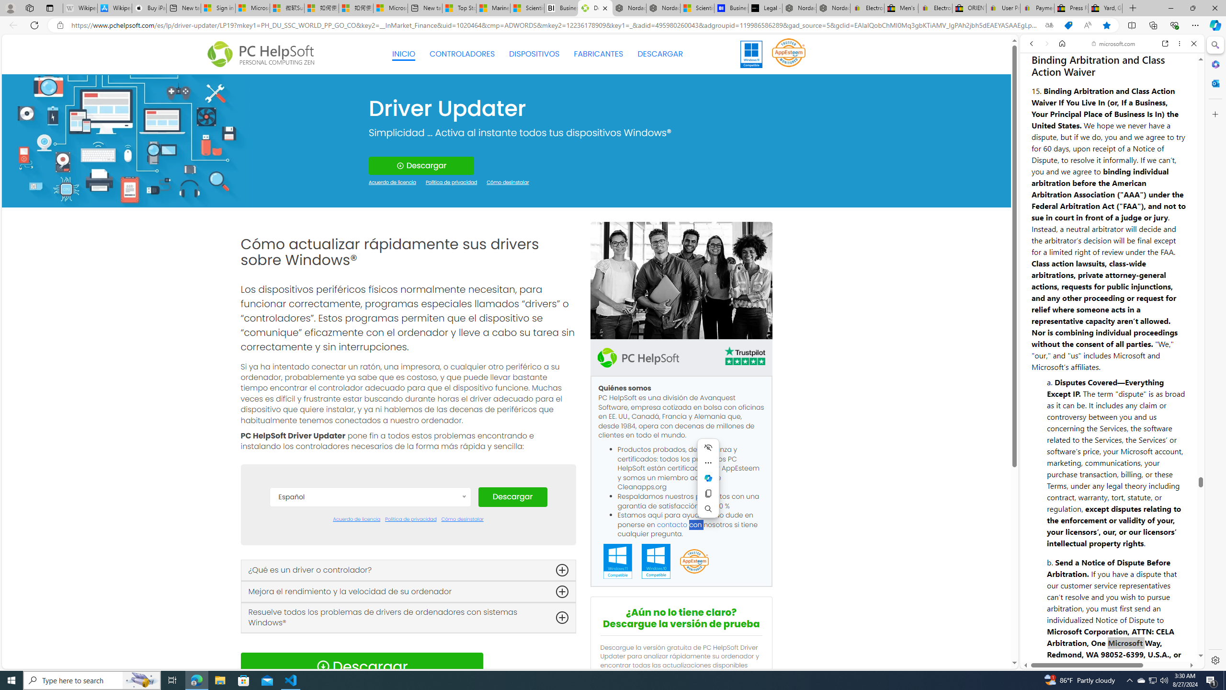 The width and height of the screenshot is (1226, 690). I want to click on 'Customize', so click(1214, 114).